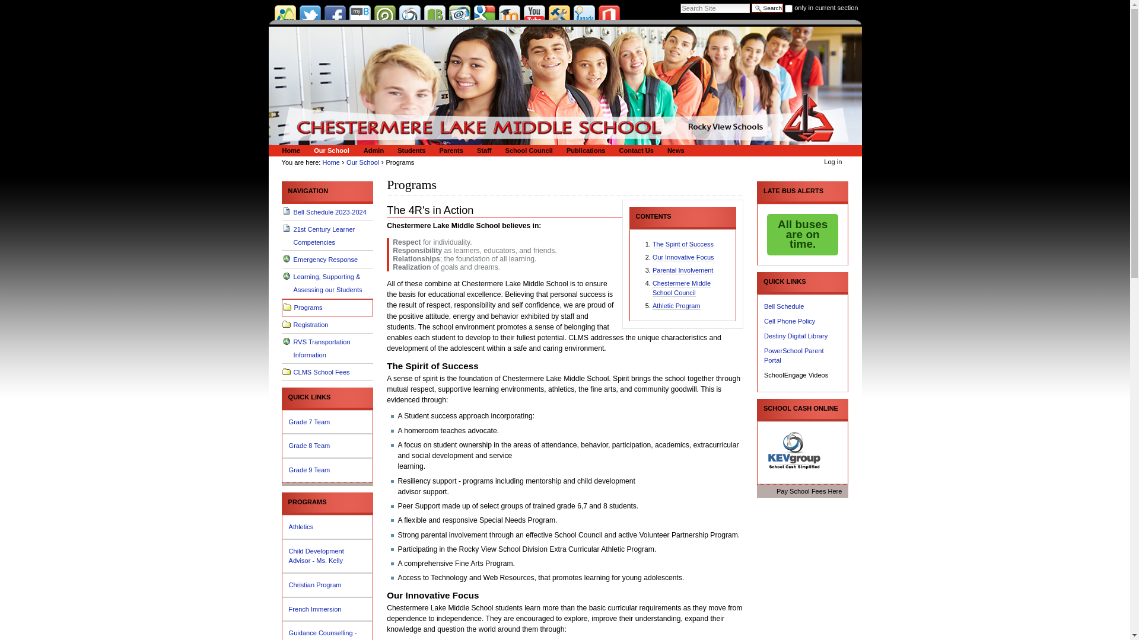 Image resolution: width=1139 pixels, height=640 pixels. What do you see at coordinates (448, 150) in the screenshot?
I see `'Parents'` at bounding box center [448, 150].